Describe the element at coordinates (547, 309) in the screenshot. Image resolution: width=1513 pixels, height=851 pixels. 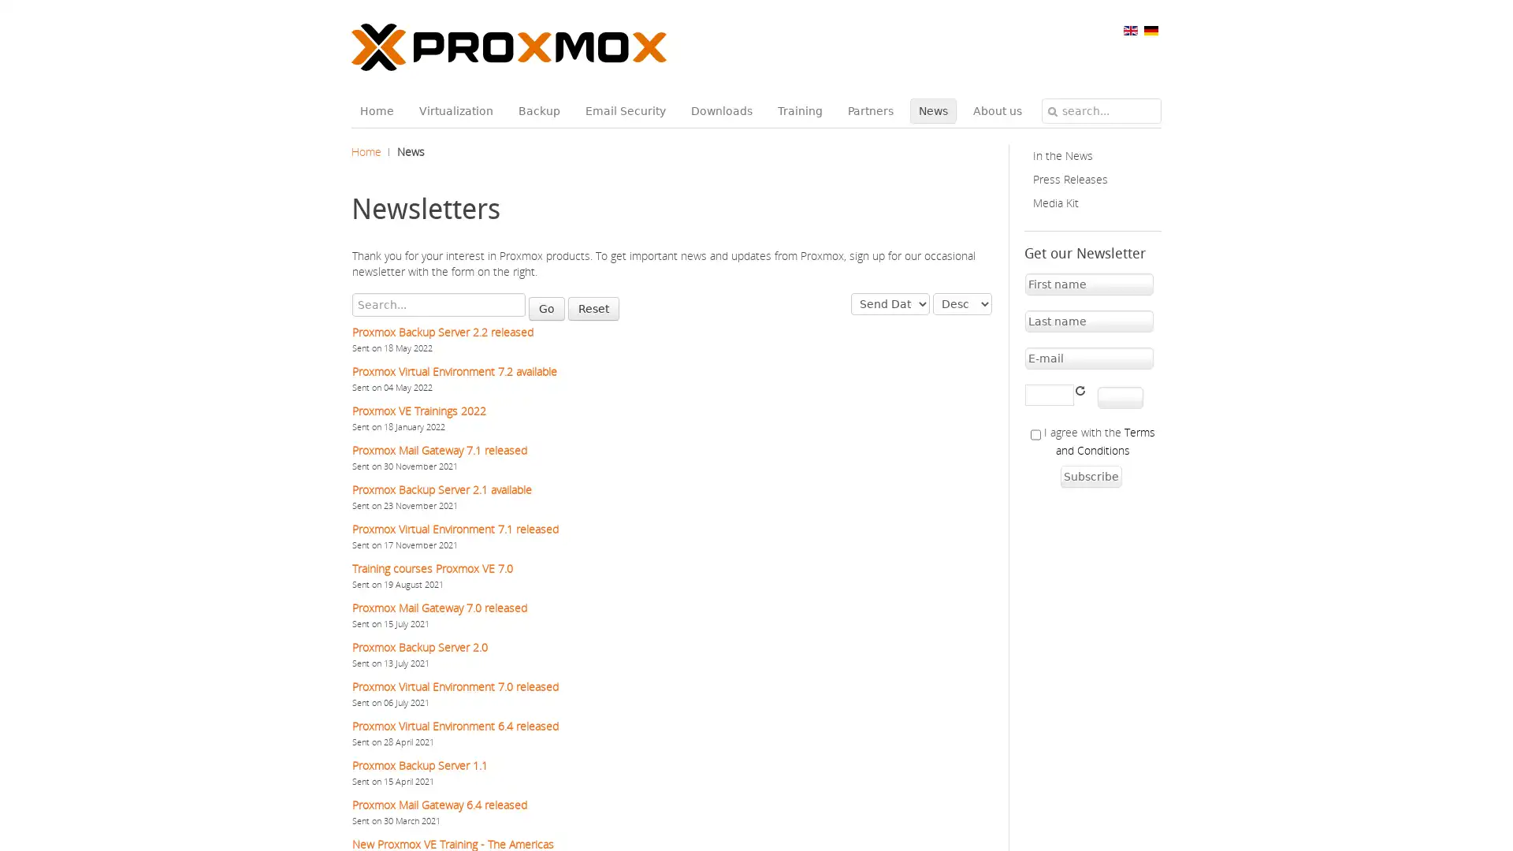
I see `Go` at that location.